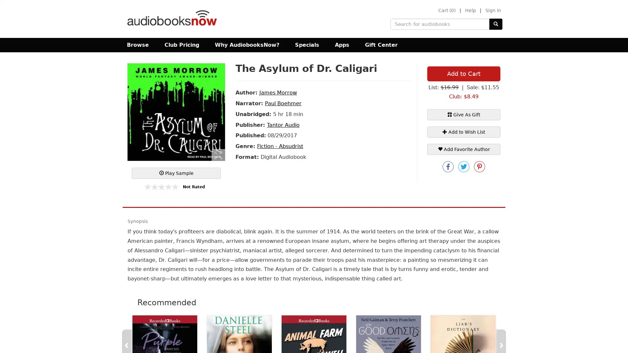  I want to click on Submit Search, so click(496, 24).